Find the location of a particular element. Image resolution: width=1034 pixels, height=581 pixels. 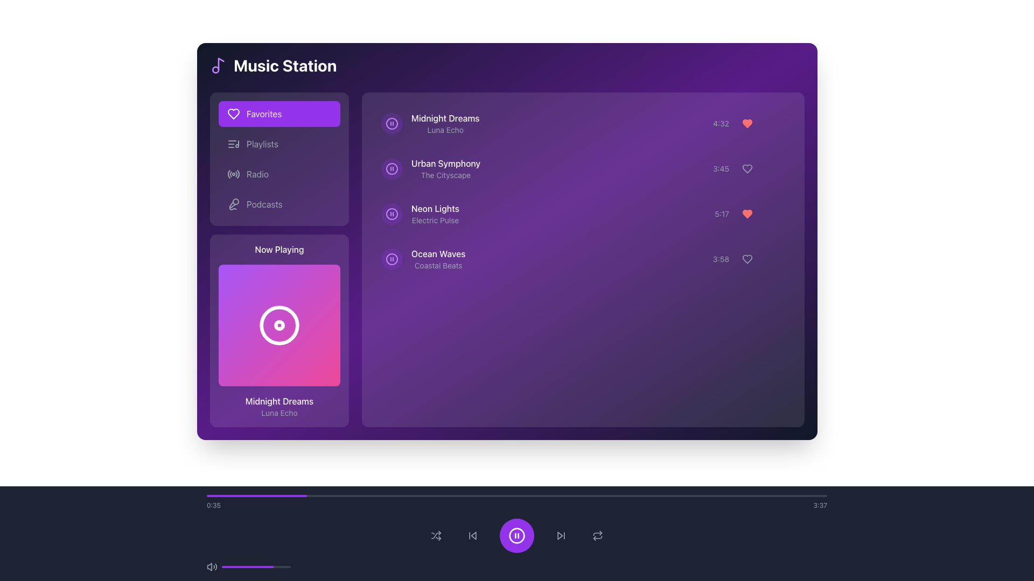

playback position is located at coordinates (350, 495).